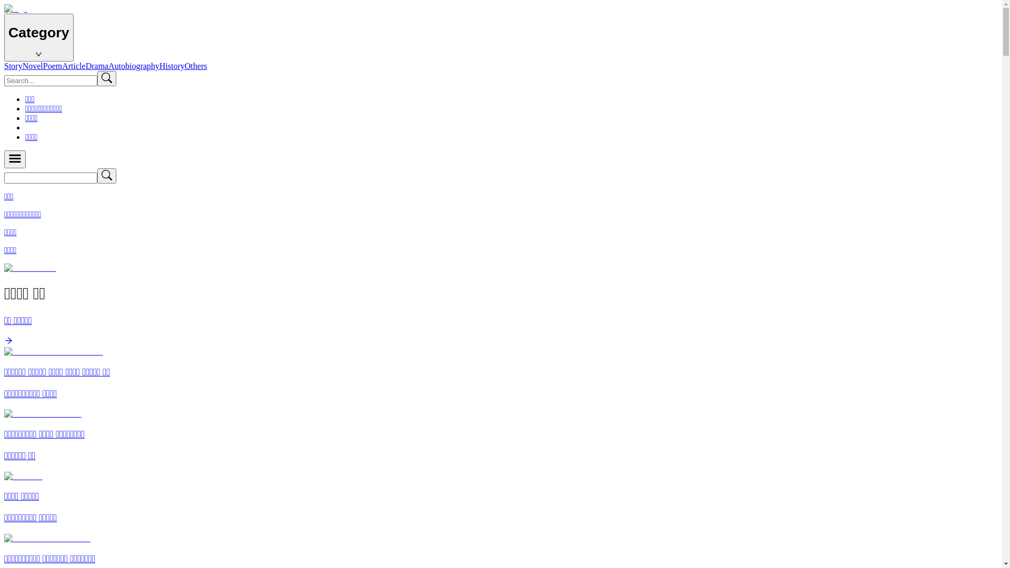  Describe the element at coordinates (33, 66) in the screenshot. I see `'Novel'` at that location.